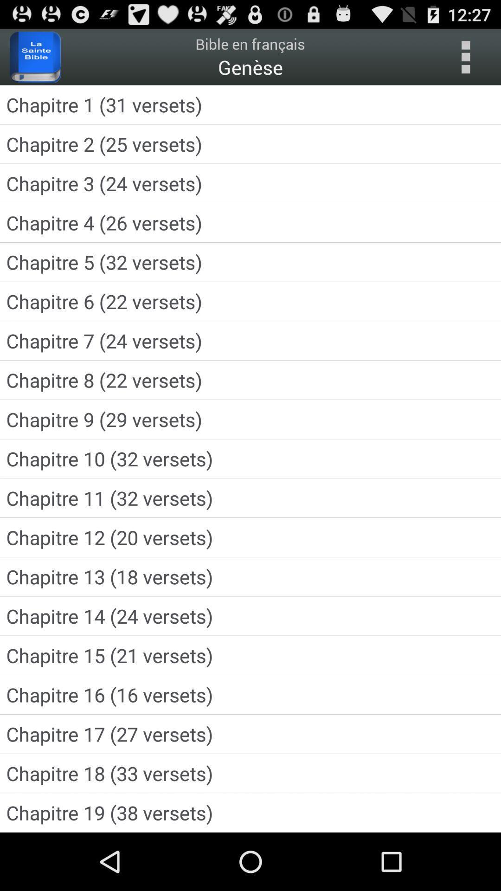  Describe the element at coordinates (250, 419) in the screenshot. I see `the chapitre 9 29 app` at that location.